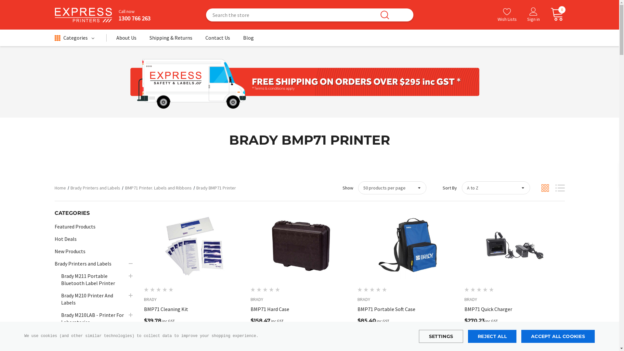 This screenshot has height=351, width=624. Describe the element at coordinates (544, 15) in the screenshot. I see `'0'` at that location.